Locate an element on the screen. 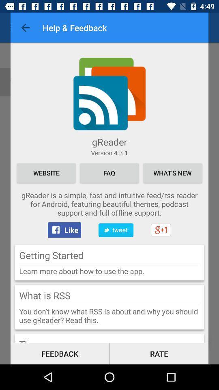 The height and width of the screenshot is (390, 219). the item next to the help & feedback icon is located at coordinates (26, 28).